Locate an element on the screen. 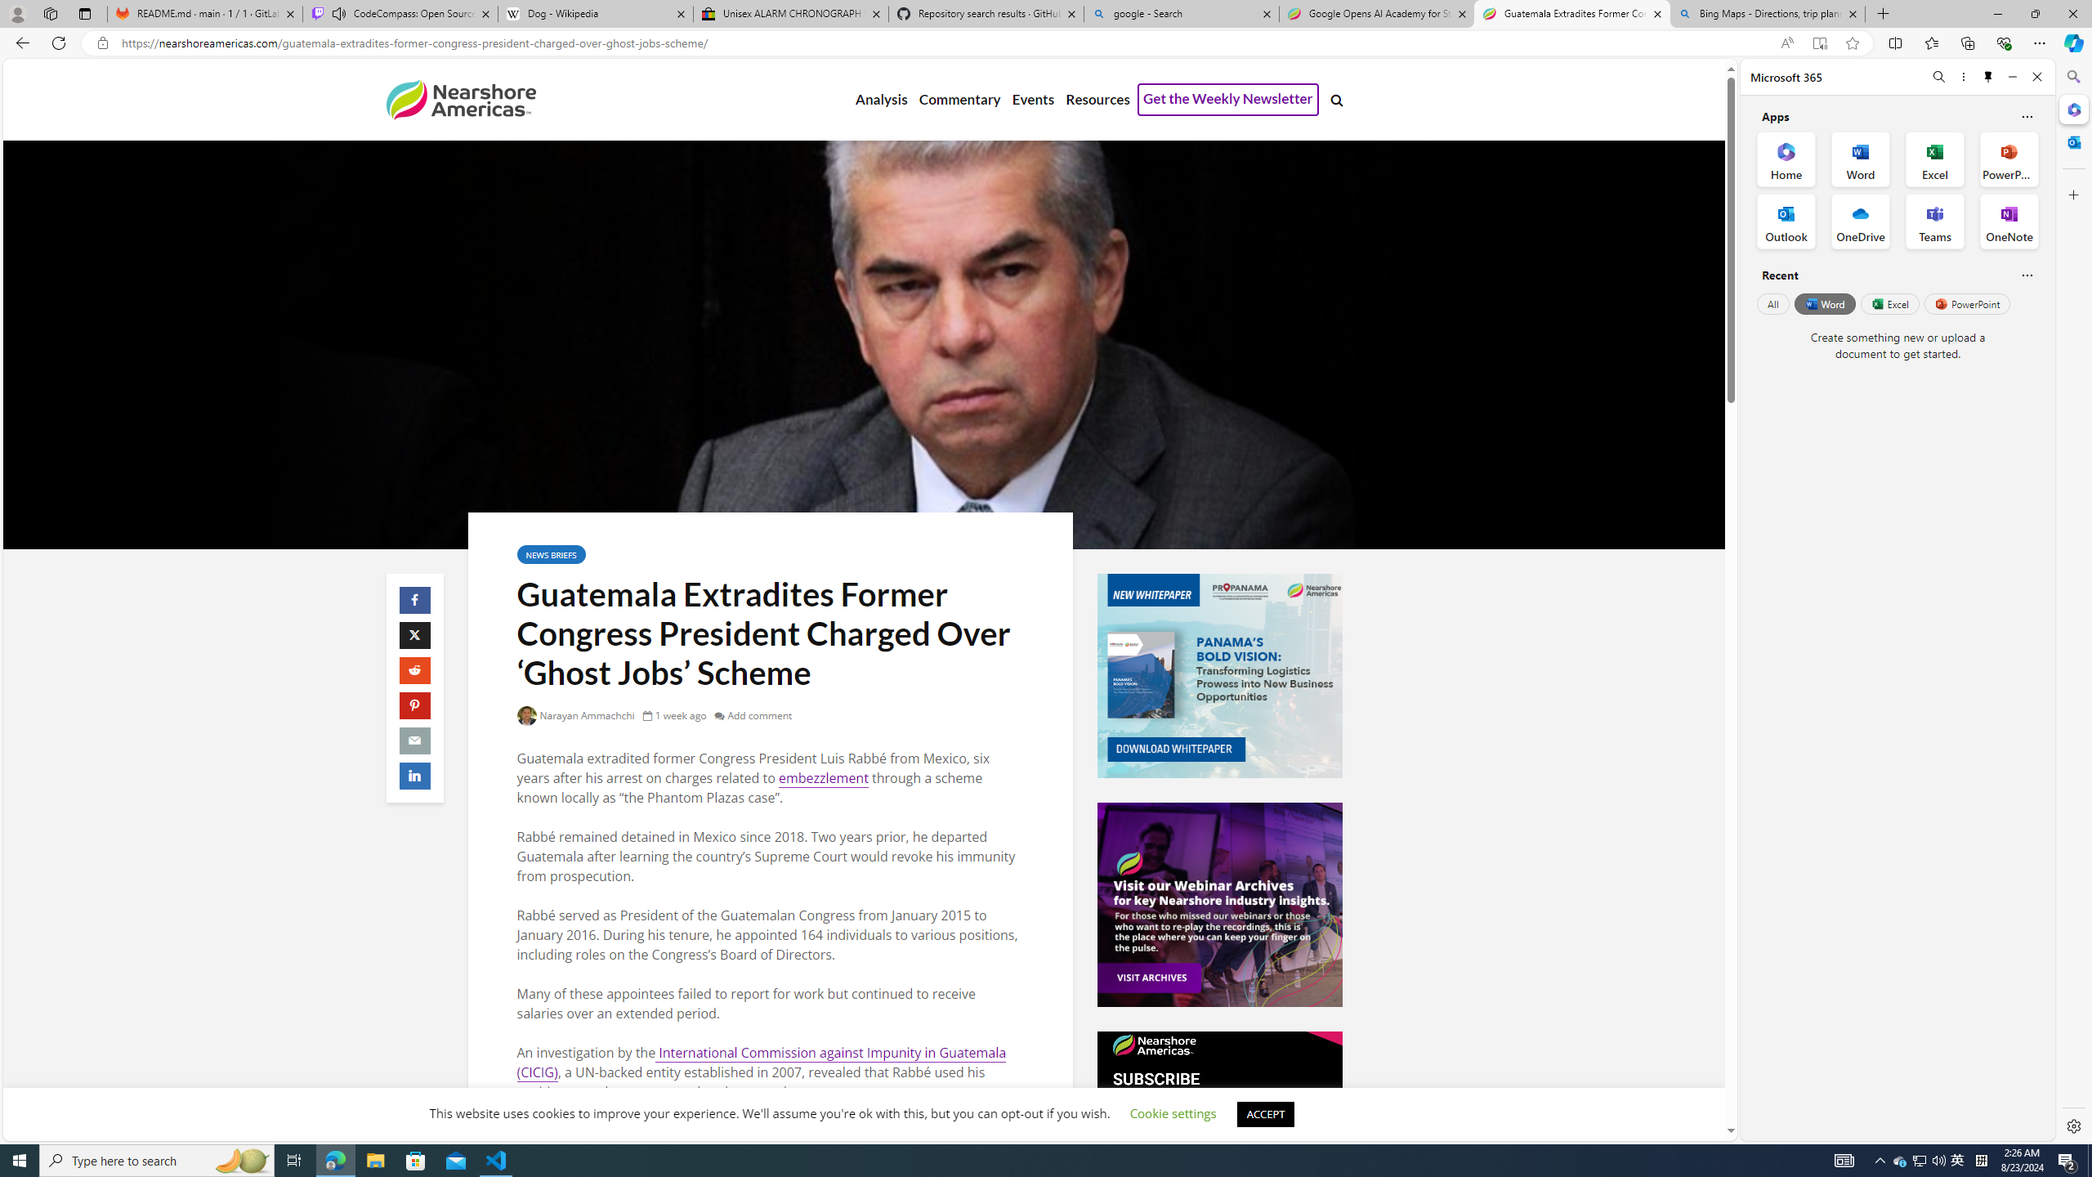  'Commentary' is located at coordinates (959, 100).